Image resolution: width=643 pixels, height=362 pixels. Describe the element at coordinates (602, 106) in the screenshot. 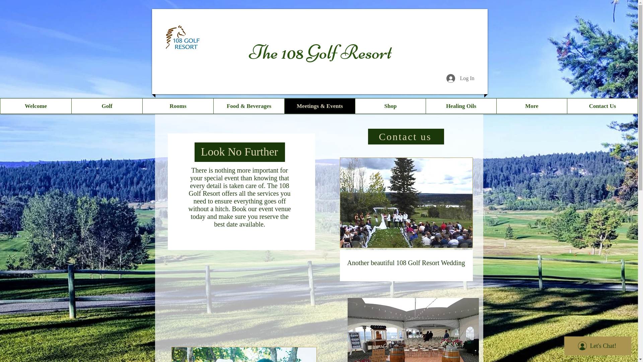

I see `'Contact Us'` at that location.